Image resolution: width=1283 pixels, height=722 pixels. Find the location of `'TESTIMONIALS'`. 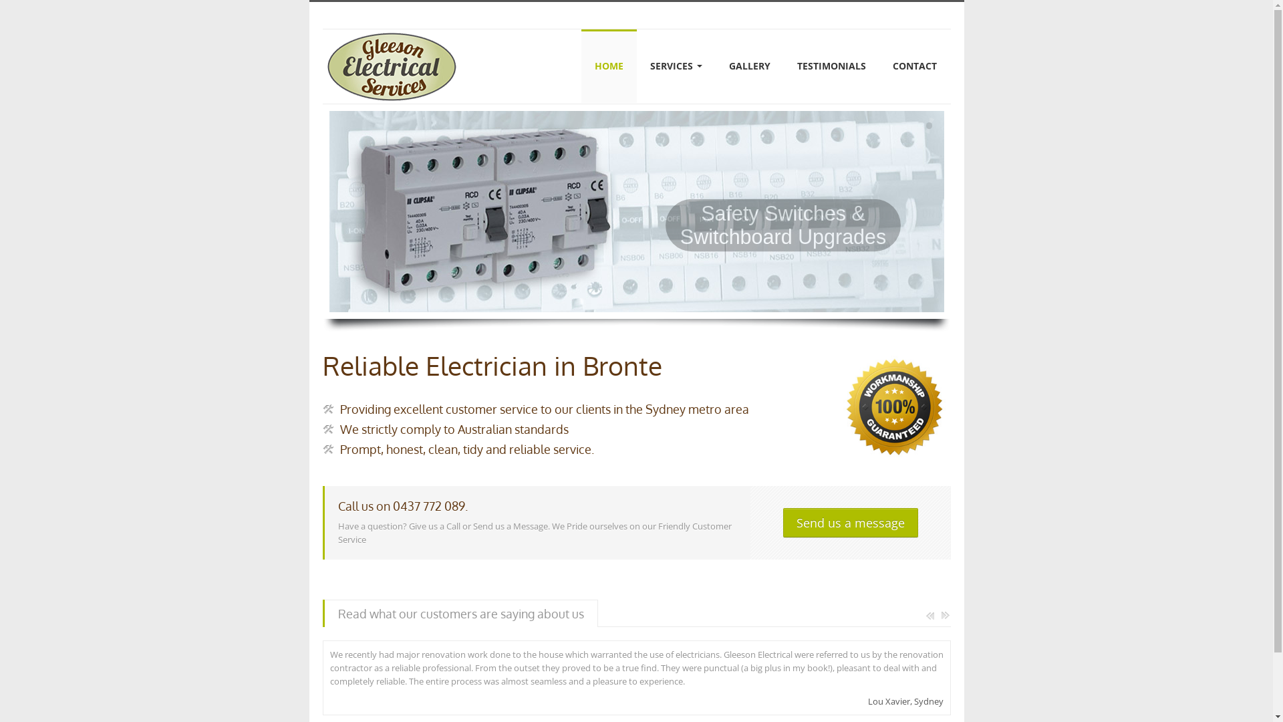

'TESTIMONIALS' is located at coordinates (831, 66).